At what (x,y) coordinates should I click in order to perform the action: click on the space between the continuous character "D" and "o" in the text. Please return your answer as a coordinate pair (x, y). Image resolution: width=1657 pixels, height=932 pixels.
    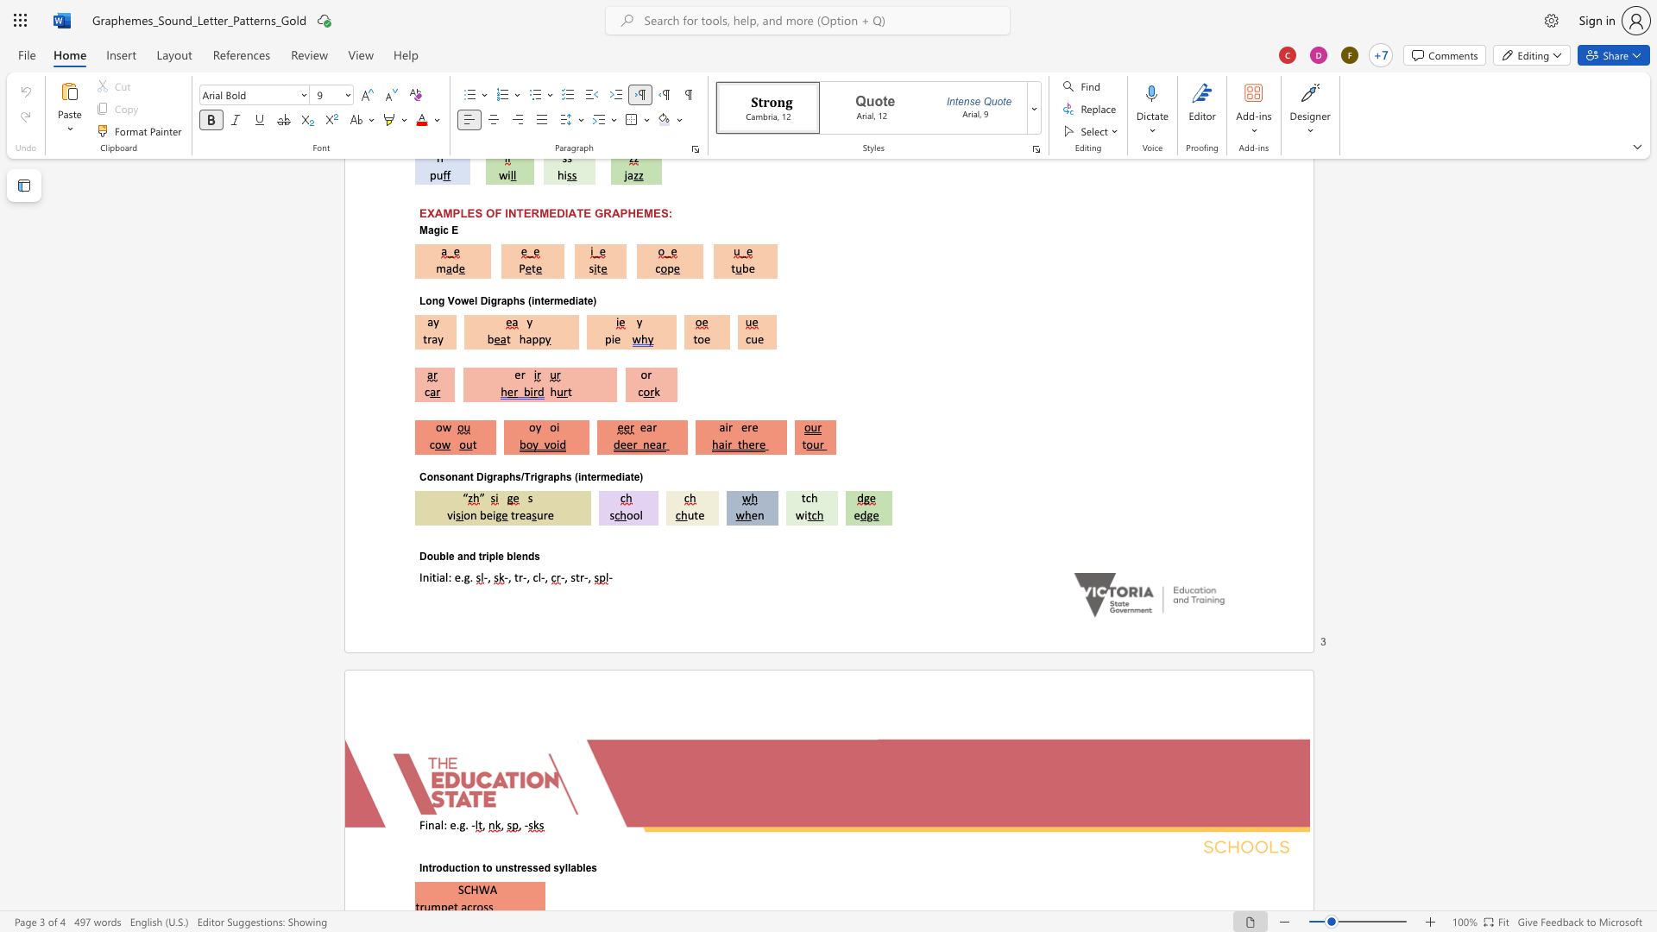
    Looking at the image, I should click on (426, 556).